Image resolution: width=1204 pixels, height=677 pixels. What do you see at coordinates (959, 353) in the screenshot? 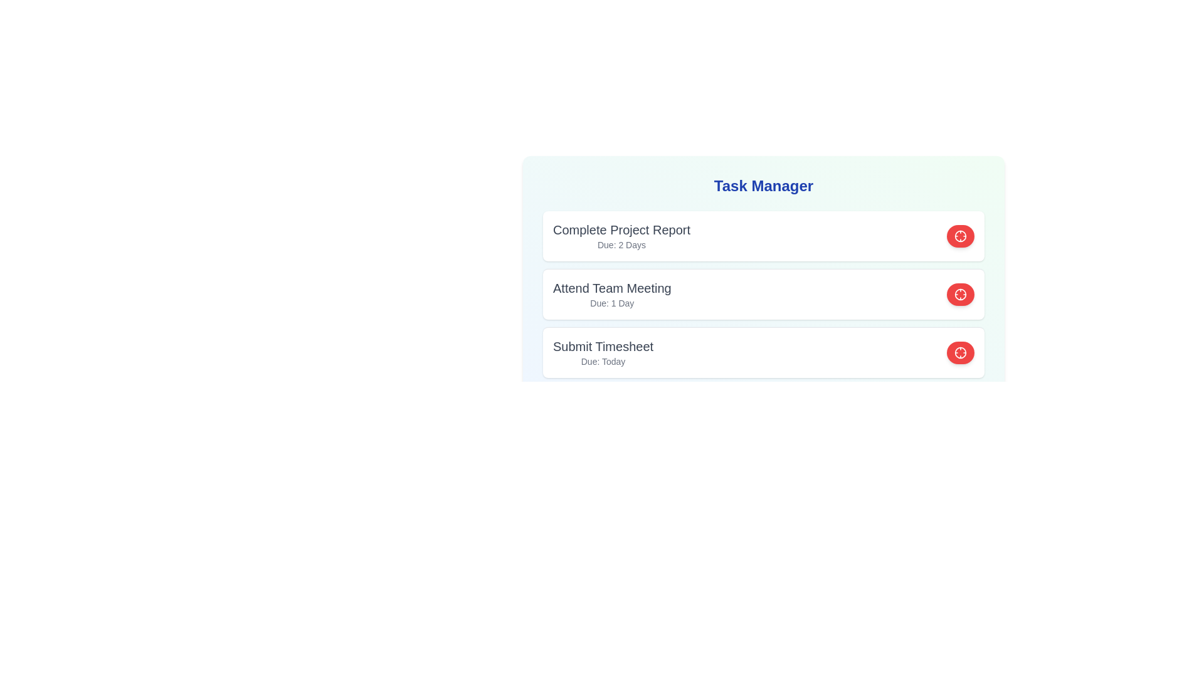
I see `the interactive button located at the top-right corner of the 'Submit Timesheet' task item in the 'Task Manager' interface` at bounding box center [959, 353].